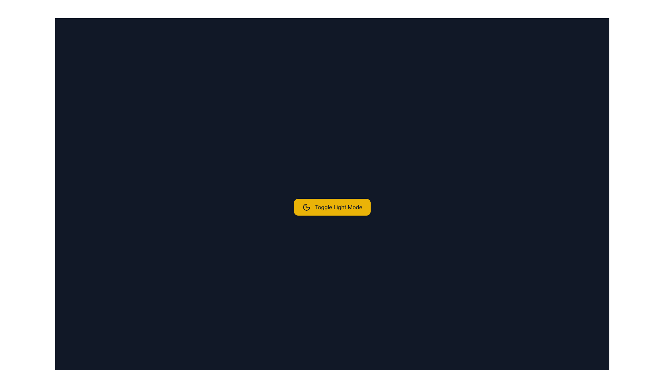 This screenshot has width=672, height=378. What do you see at coordinates (307, 206) in the screenshot?
I see `the 'Toggle Light Mode' button which contains the crescent moon icon on its left side` at bounding box center [307, 206].